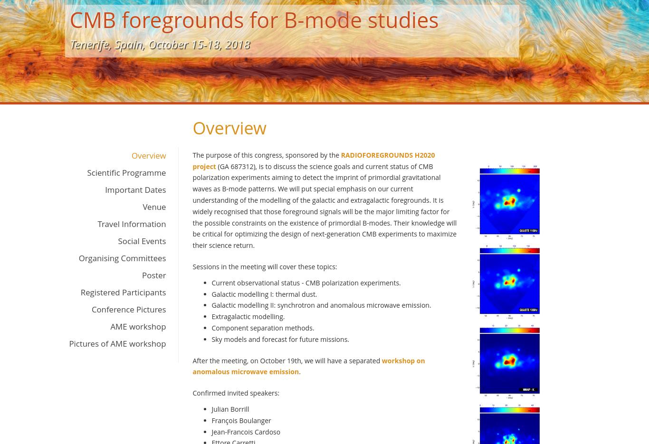 This screenshot has width=649, height=444. What do you see at coordinates (159, 43) in the screenshot?
I see `'Tenerife, Spain, October 15-18, 2018'` at bounding box center [159, 43].